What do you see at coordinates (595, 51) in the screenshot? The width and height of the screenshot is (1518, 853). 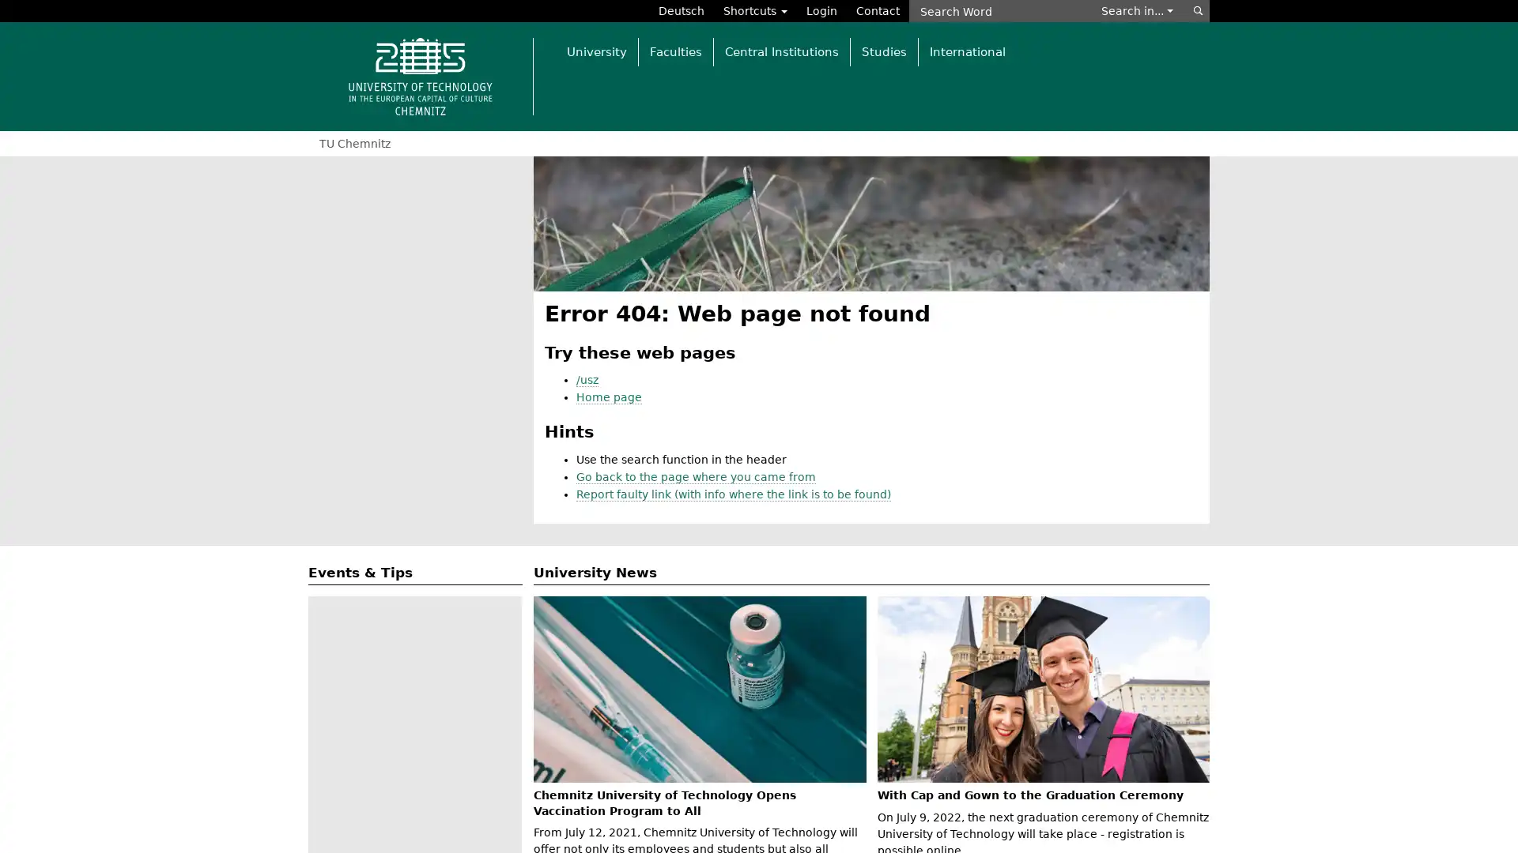 I see `University` at bounding box center [595, 51].